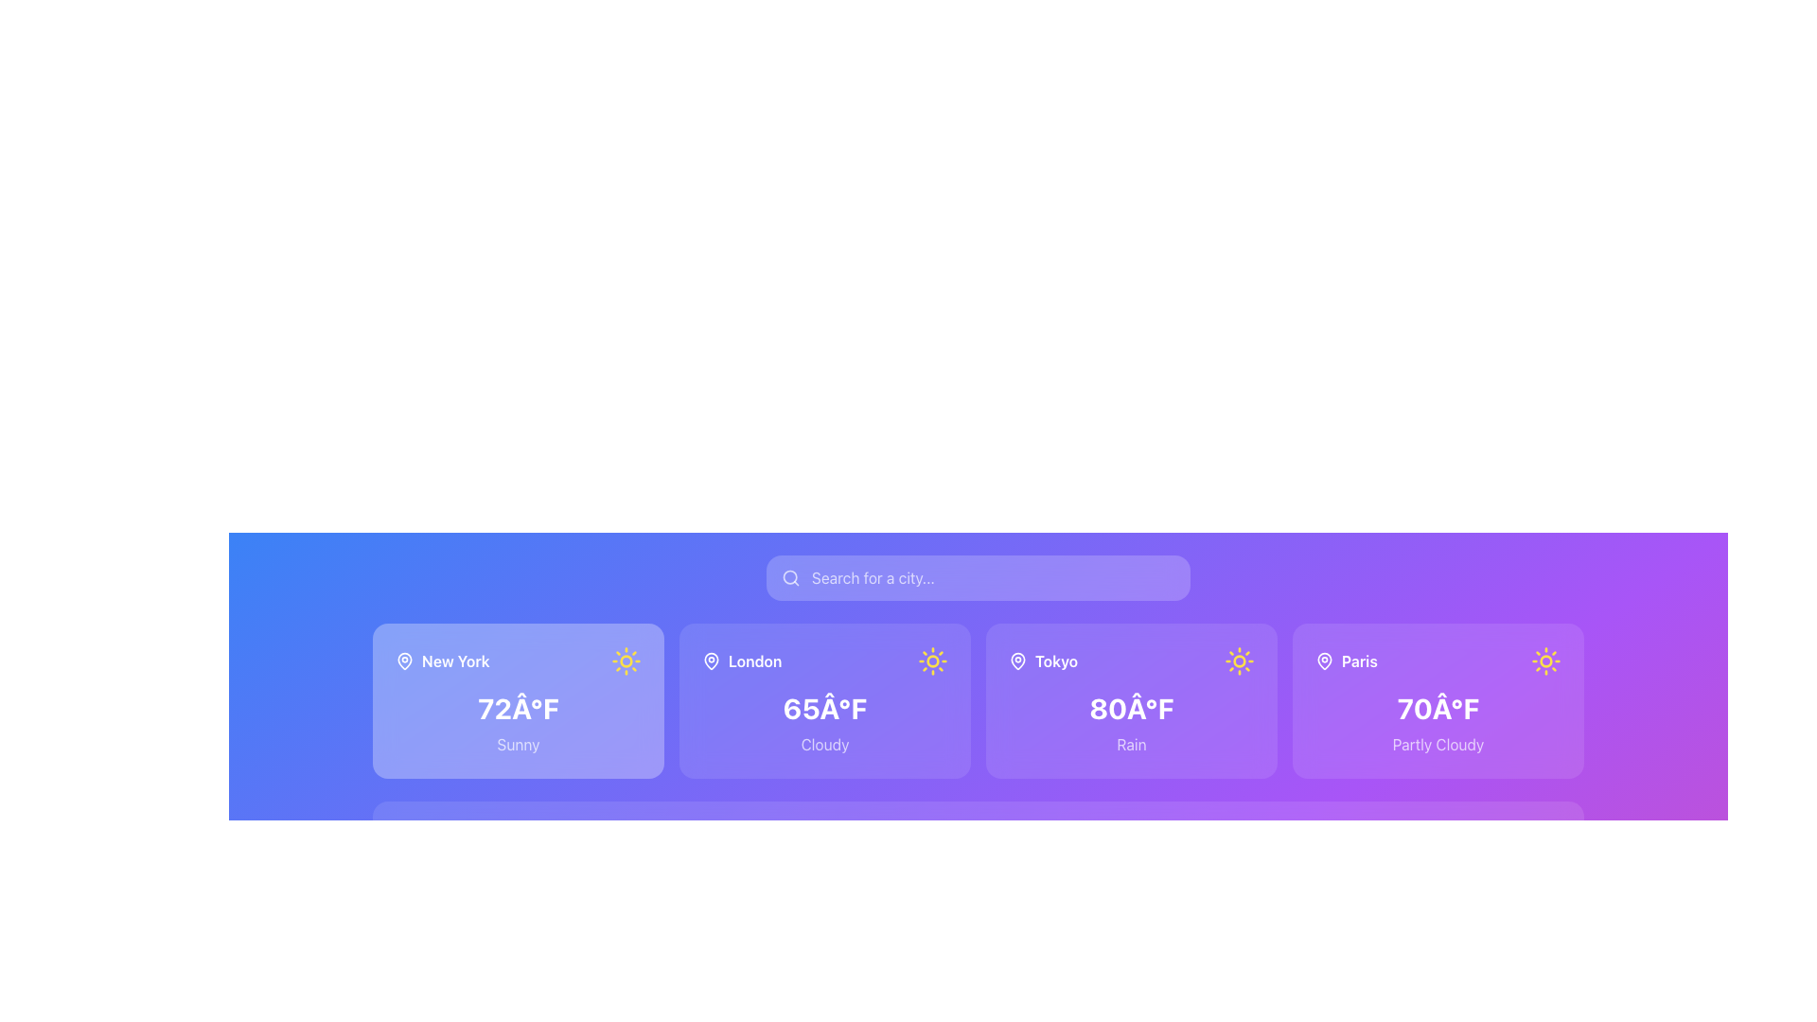 Image resolution: width=1817 pixels, height=1022 pixels. Describe the element at coordinates (1016, 660) in the screenshot. I see `the map pin icon representing Tokyo, which is displayed with a white fill and purple background, adjacent to the text 'Tokyo'` at that location.